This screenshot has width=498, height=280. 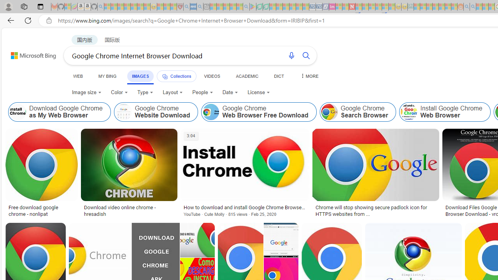 What do you see at coordinates (332, 7) in the screenshot?
I see `'Jobs - lastminute.com Investor Portal - Sleeping'` at bounding box center [332, 7].